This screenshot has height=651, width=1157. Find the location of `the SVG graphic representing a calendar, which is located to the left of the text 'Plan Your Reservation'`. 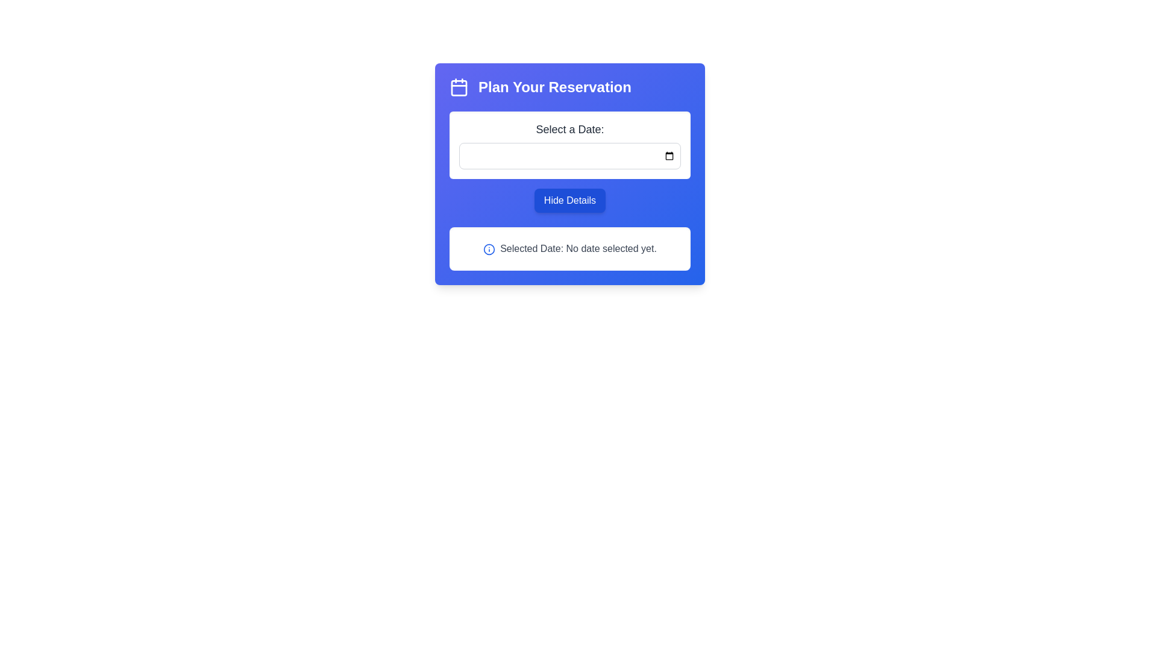

the SVG graphic representing a calendar, which is located to the left of the text 'Plan Your Reservation' is located at coordinates (459, 87).